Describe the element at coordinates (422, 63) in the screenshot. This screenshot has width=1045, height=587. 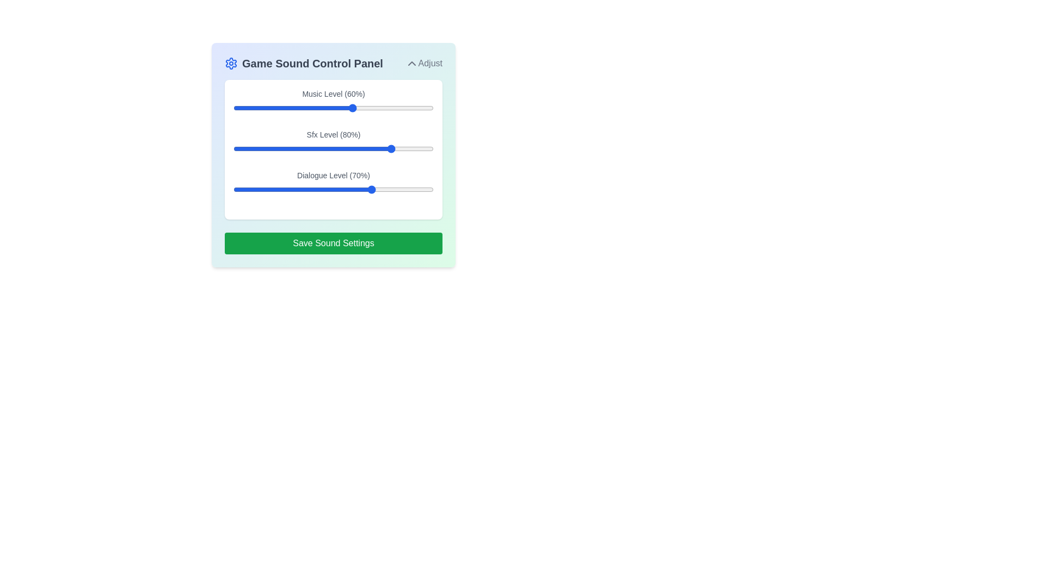
I see `the 'Adjust' button to toggle the panel expansion` at that location.